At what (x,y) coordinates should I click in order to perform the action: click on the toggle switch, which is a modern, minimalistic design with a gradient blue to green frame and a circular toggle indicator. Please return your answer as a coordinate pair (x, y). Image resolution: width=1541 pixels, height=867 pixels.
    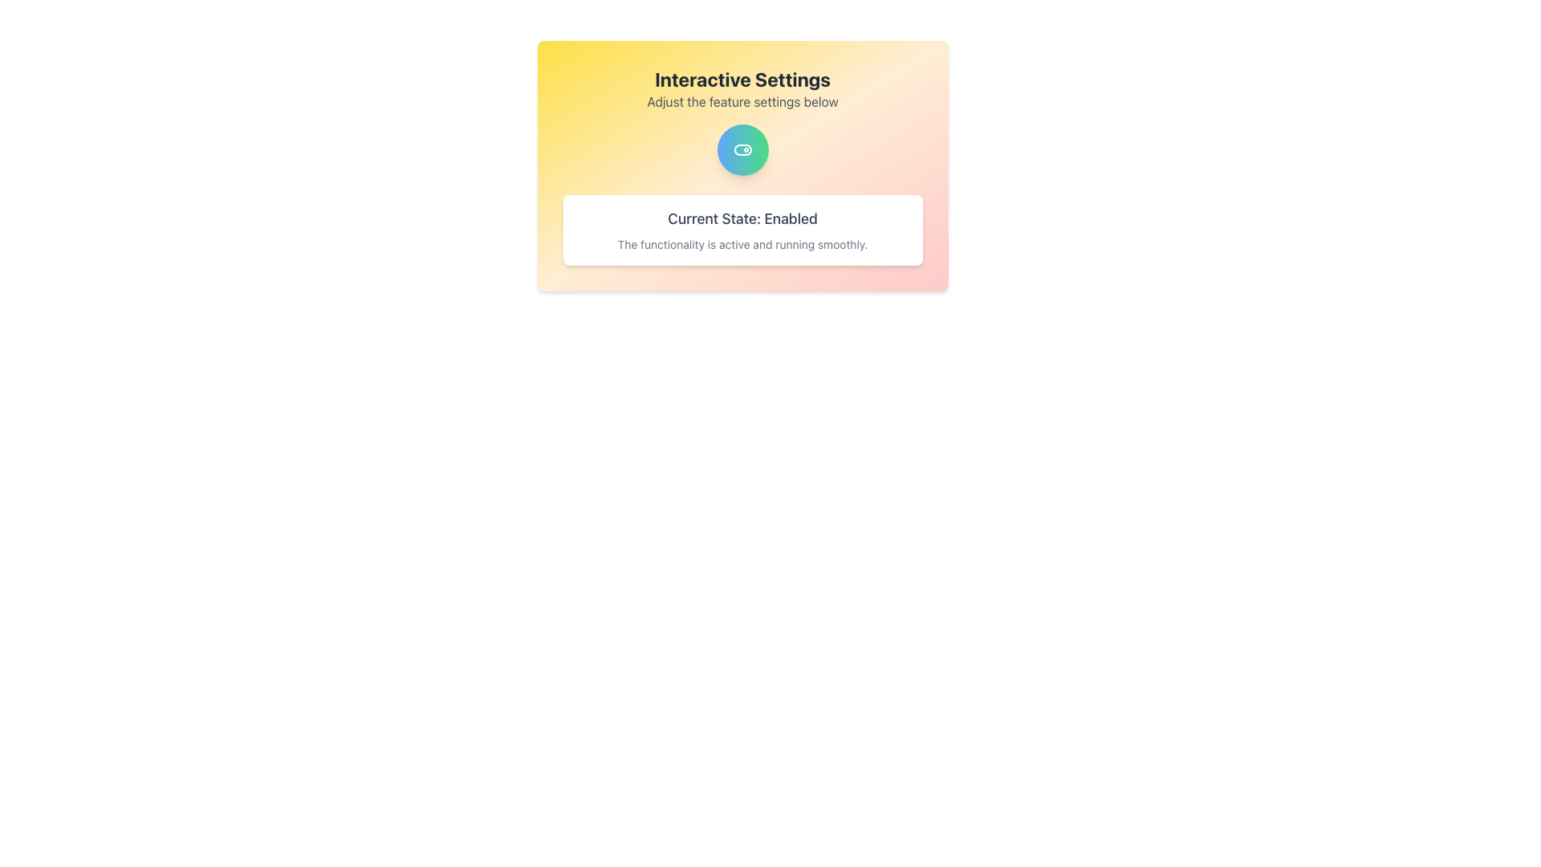
    Looking at the image, I should click on (742, 149).